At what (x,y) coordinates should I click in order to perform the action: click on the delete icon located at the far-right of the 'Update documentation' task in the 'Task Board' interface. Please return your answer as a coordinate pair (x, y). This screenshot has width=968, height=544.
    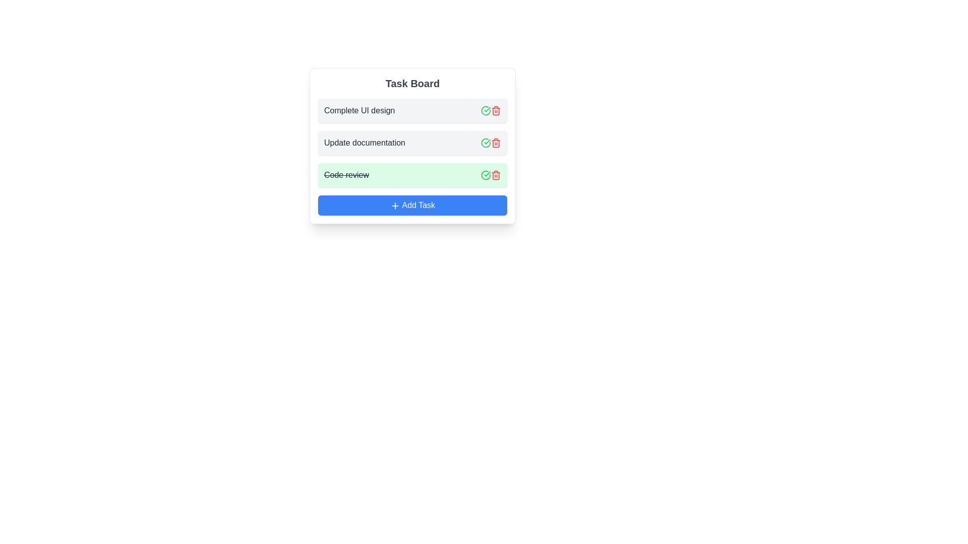
    Looking at the image, I should click on (496, 143).